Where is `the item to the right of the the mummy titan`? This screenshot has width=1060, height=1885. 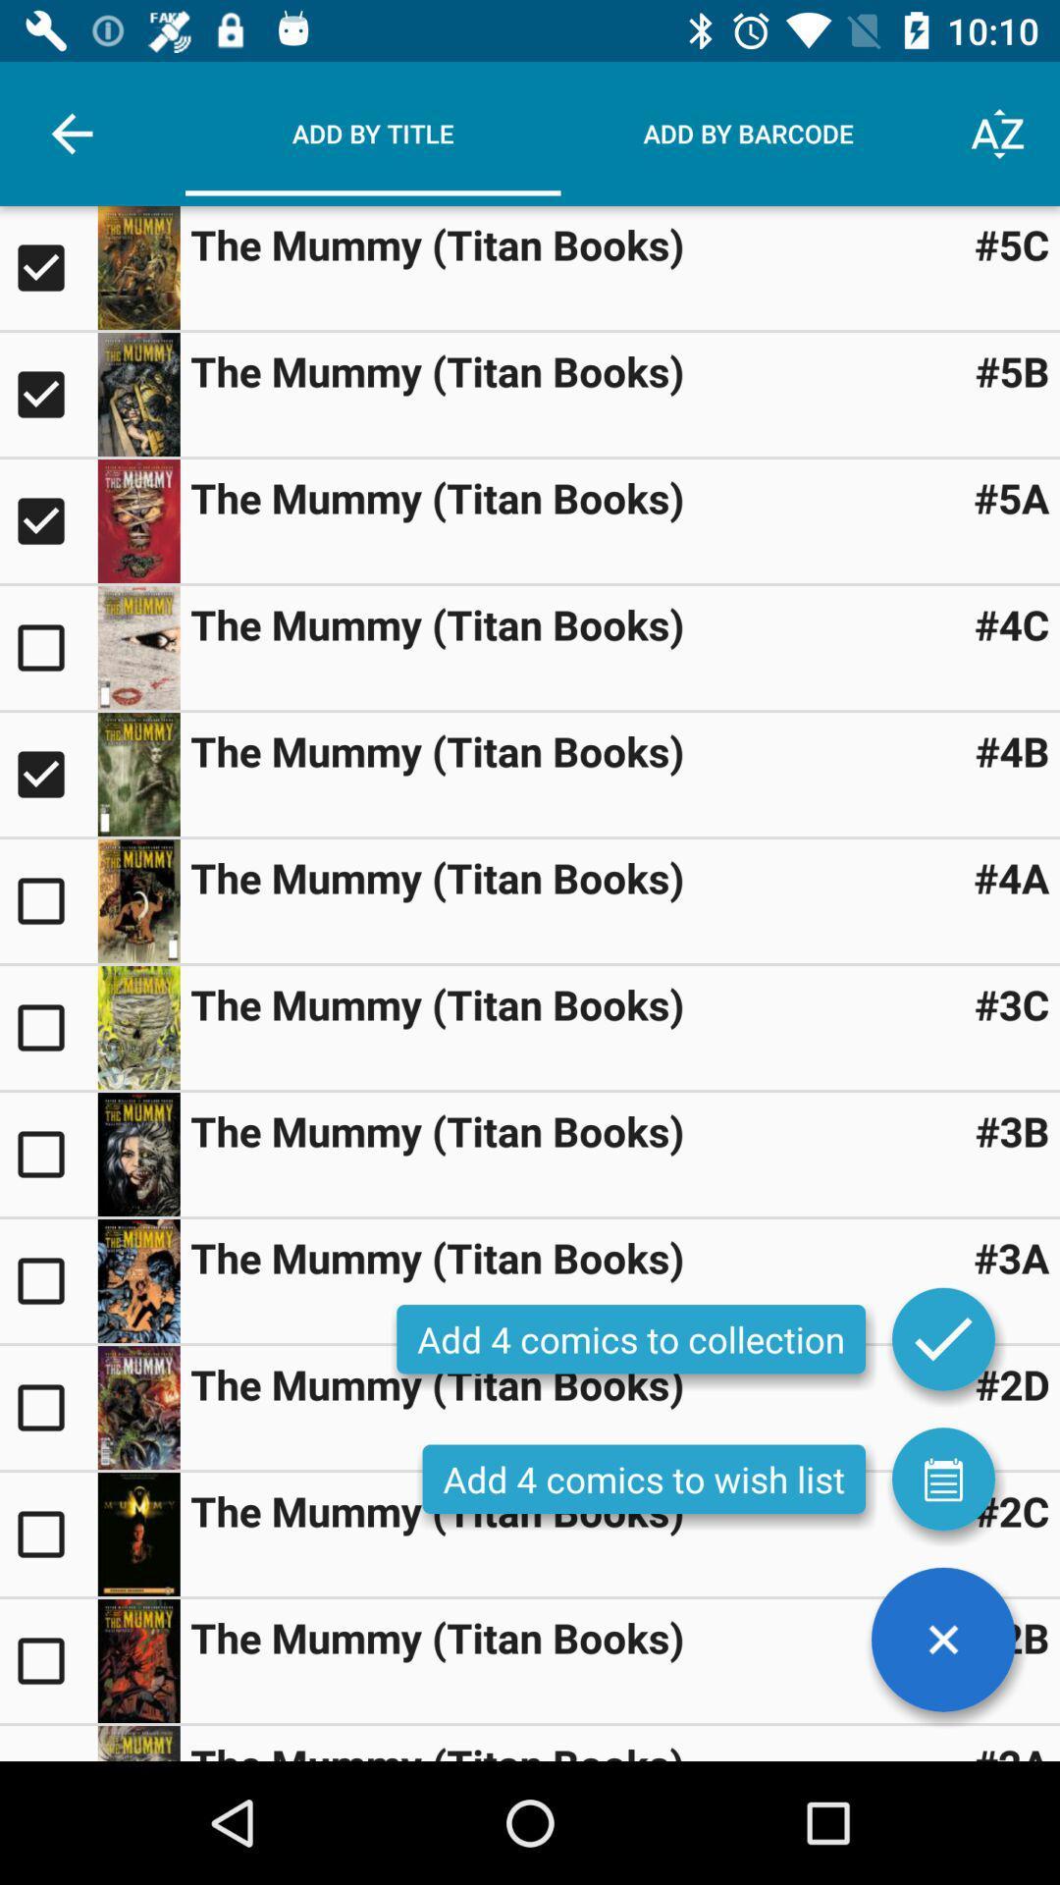 the item to the right of the the mummy titan is located at coordinates (1012, 1383).